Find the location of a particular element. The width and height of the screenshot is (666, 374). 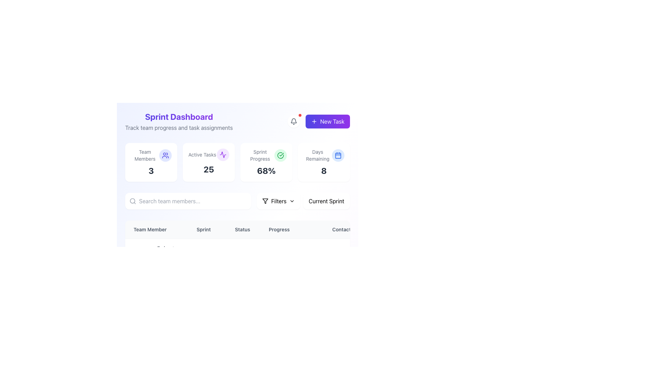

numerical count of team members indicated by the text label located centrally within the bottom section of the 'Team Members' card is located at coordinates (151, 171).